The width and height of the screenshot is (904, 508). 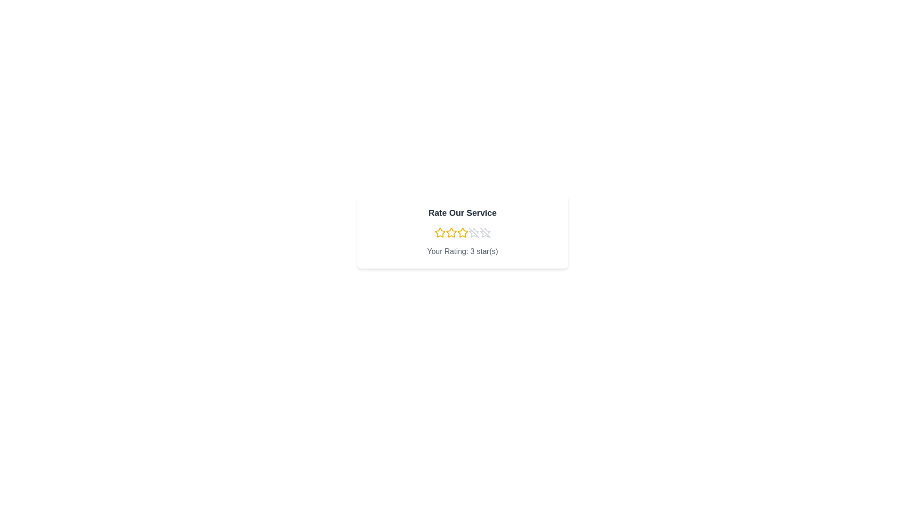 What do you see at coordinates (474, 232) in the screenshot?
I see `the rating to 4 stars by clicking on the corresponding star` at bounding box center [474, 232].